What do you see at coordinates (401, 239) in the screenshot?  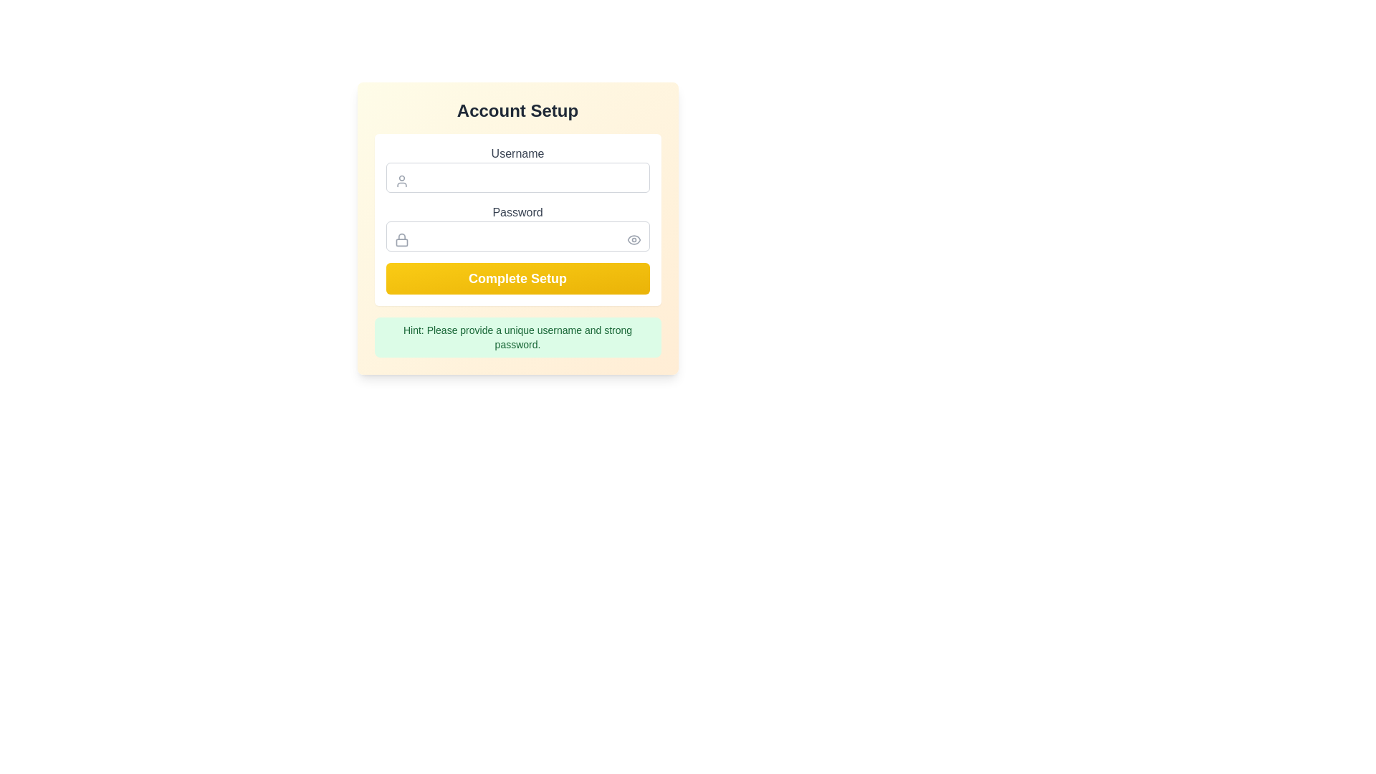 I see `the lock icon located on the left side of the password input field in the 'Account Setup' section to identify the password field` at bounding box center [401, 239].